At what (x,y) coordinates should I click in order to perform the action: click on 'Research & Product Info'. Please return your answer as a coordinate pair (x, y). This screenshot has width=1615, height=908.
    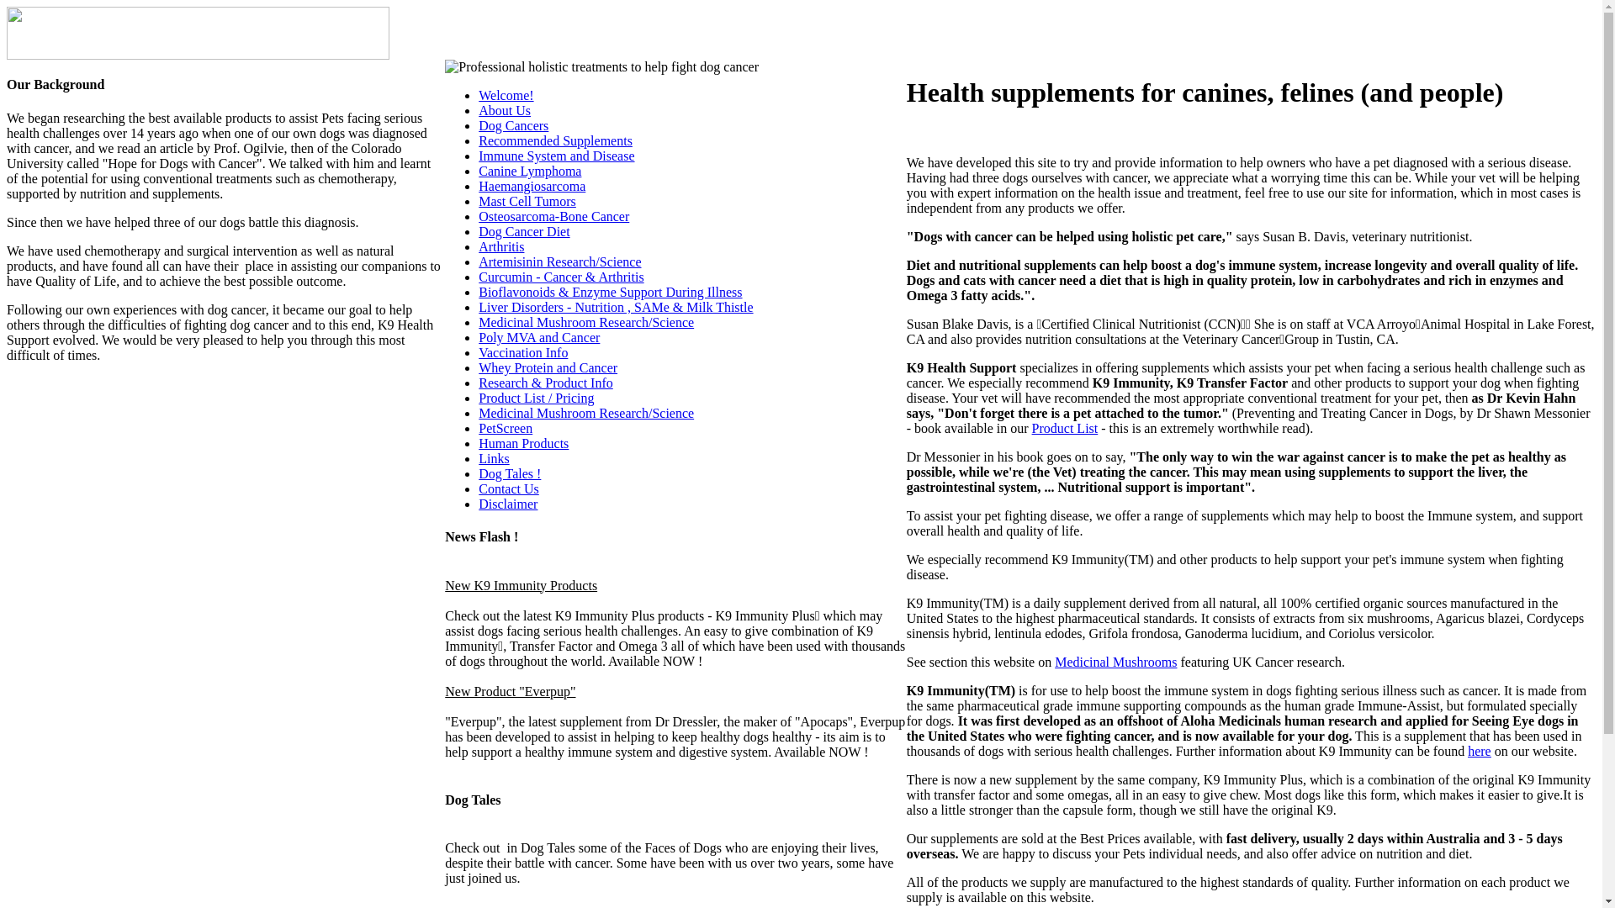
    Looking at the image, I should click on (545, 383).